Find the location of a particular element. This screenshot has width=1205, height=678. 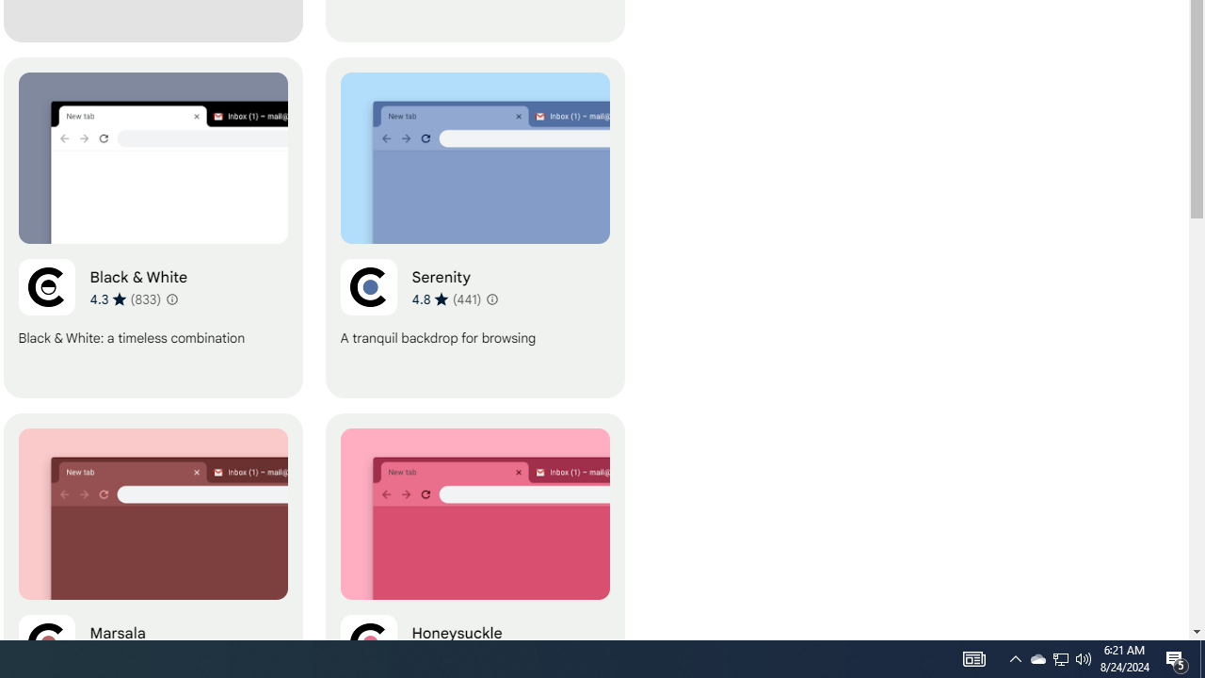

'Average rating 4.3 out of 5 stars. 833 ratings.' is located at coordinates (124, 298).